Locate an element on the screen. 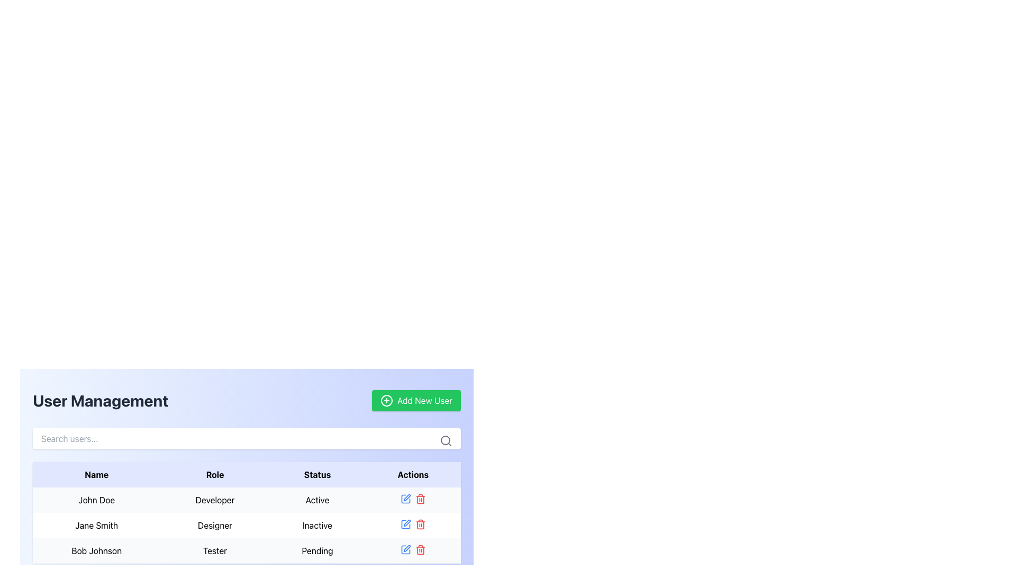  the decorative circle element representing the magnifying glass's lens, located inside the SVG icon at the top-right corner of the search bar is located at coordinates (445, 440).